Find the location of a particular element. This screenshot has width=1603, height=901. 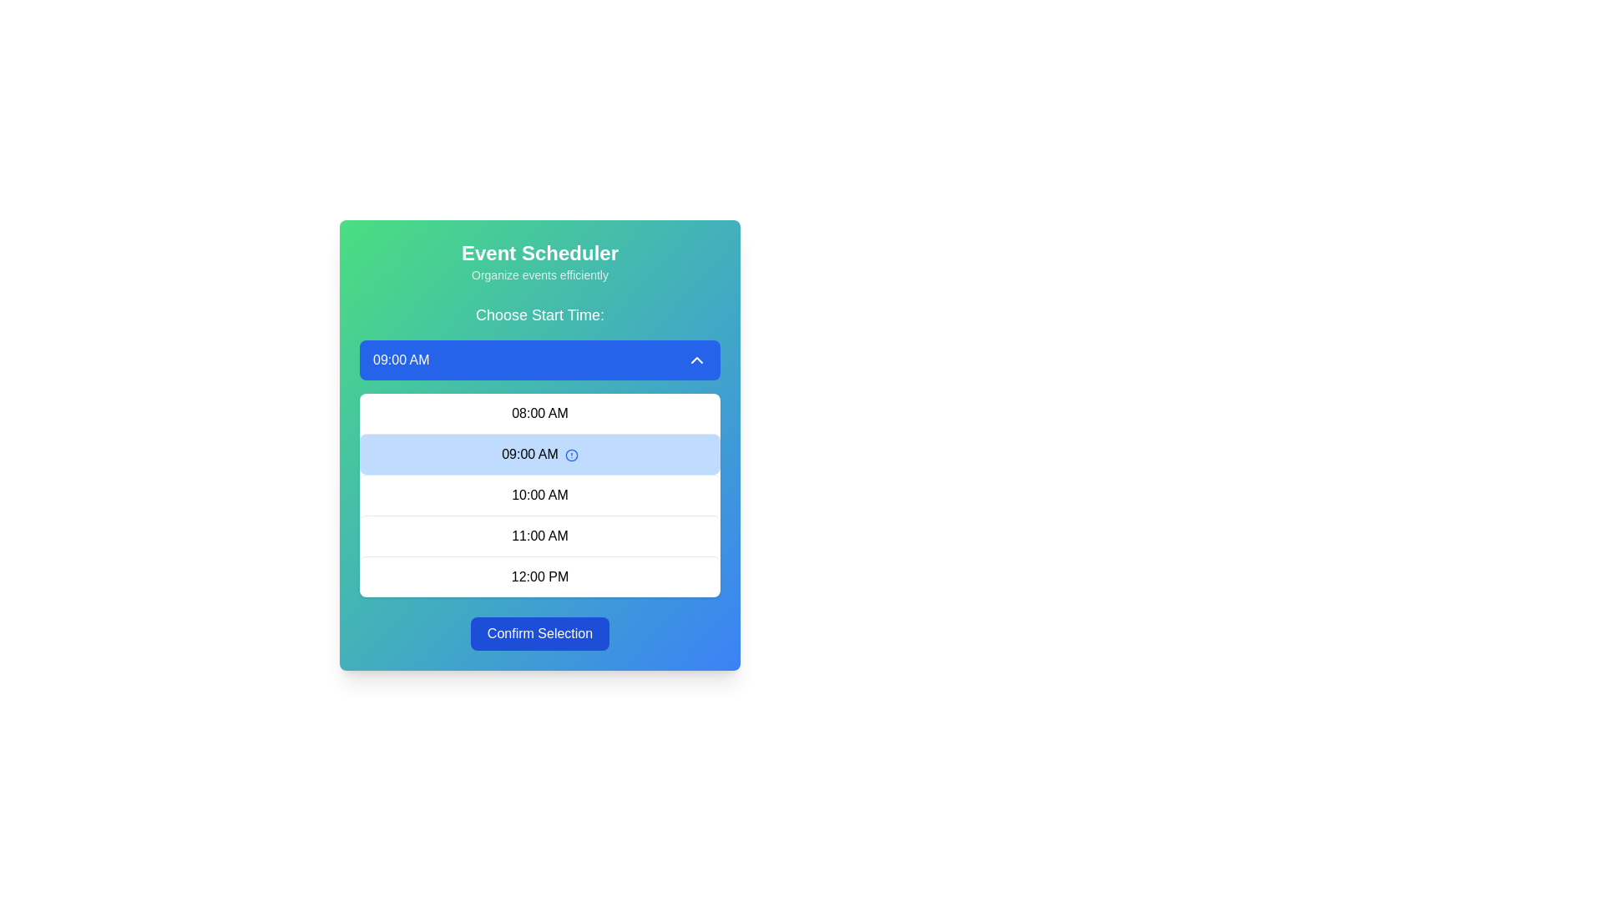

the fourth selectable time slot option in the list labeled 'Choose Start Time:', which is positioned between '09:00 AM' and '11:00 AM' is located at coordinates (540, 494).